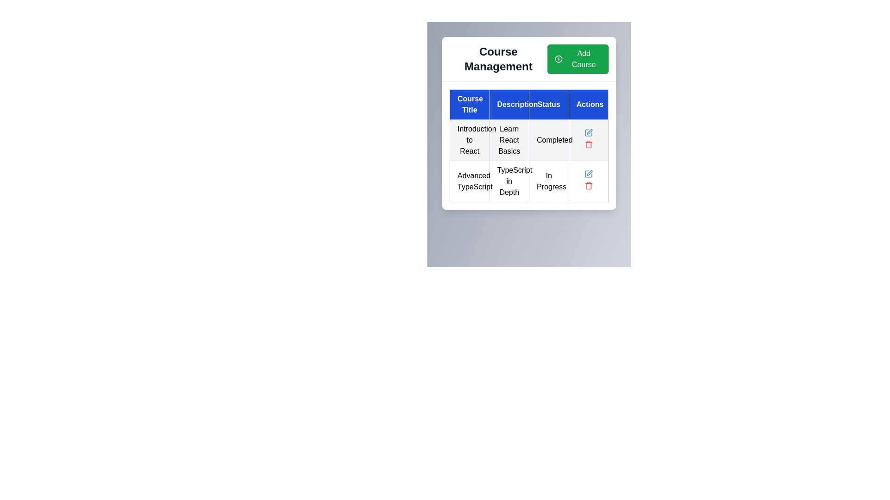 The width and height of the screenshot is (890, 500). Describe the element at coordinates (509, 140) in the screenshot. I see `the text displayed in the text block that shows 'Learn React Basics.'` at that location.